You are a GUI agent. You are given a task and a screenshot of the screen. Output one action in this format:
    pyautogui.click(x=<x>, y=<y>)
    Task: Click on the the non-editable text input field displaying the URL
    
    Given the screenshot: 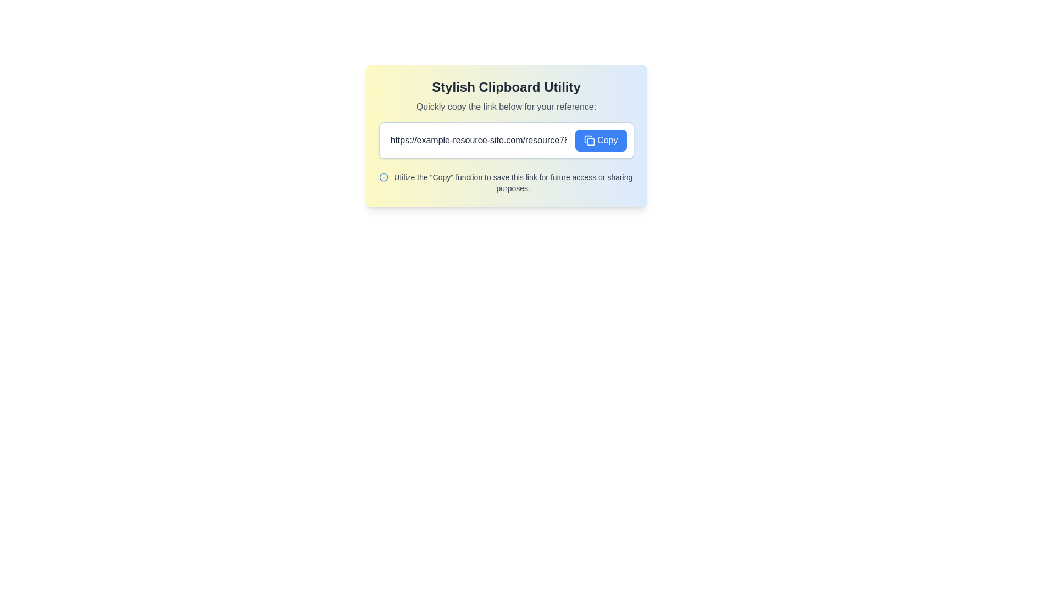 What is the action you would take?
    pyautogui.click(x=478, y=139)
    